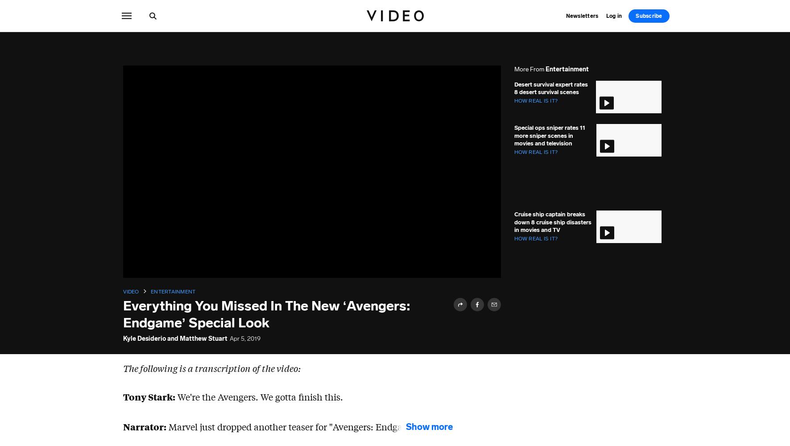 The height and width of the screenshot is (446, 790). What do you see at coordinates (211, 368) in the screenshot?
I see `'The following is a transcription of the video:'` at bounding box center [211, 368].